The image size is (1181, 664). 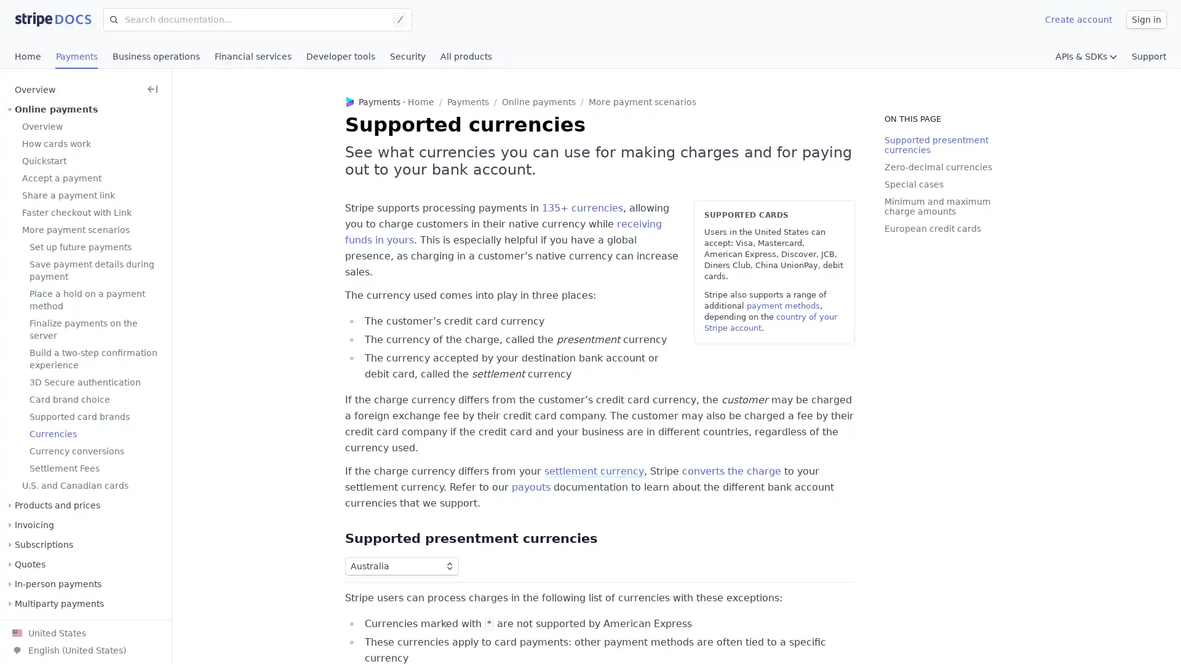 I want to click on Orders, so click(x=30, y=623).